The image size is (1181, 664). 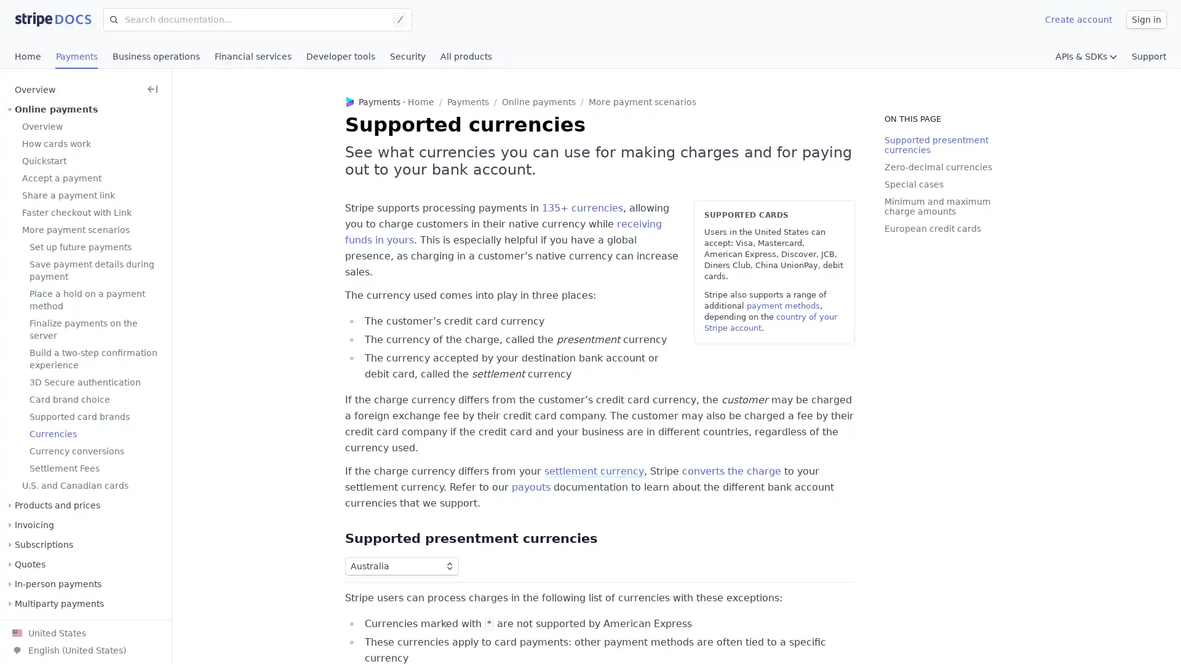 I want to click on Orders, so click(x=30, y=623).